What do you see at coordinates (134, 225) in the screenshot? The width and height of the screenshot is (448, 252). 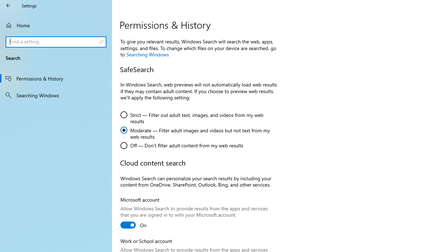 I see `'Microsoft account'` at bounding box center [134, 225].